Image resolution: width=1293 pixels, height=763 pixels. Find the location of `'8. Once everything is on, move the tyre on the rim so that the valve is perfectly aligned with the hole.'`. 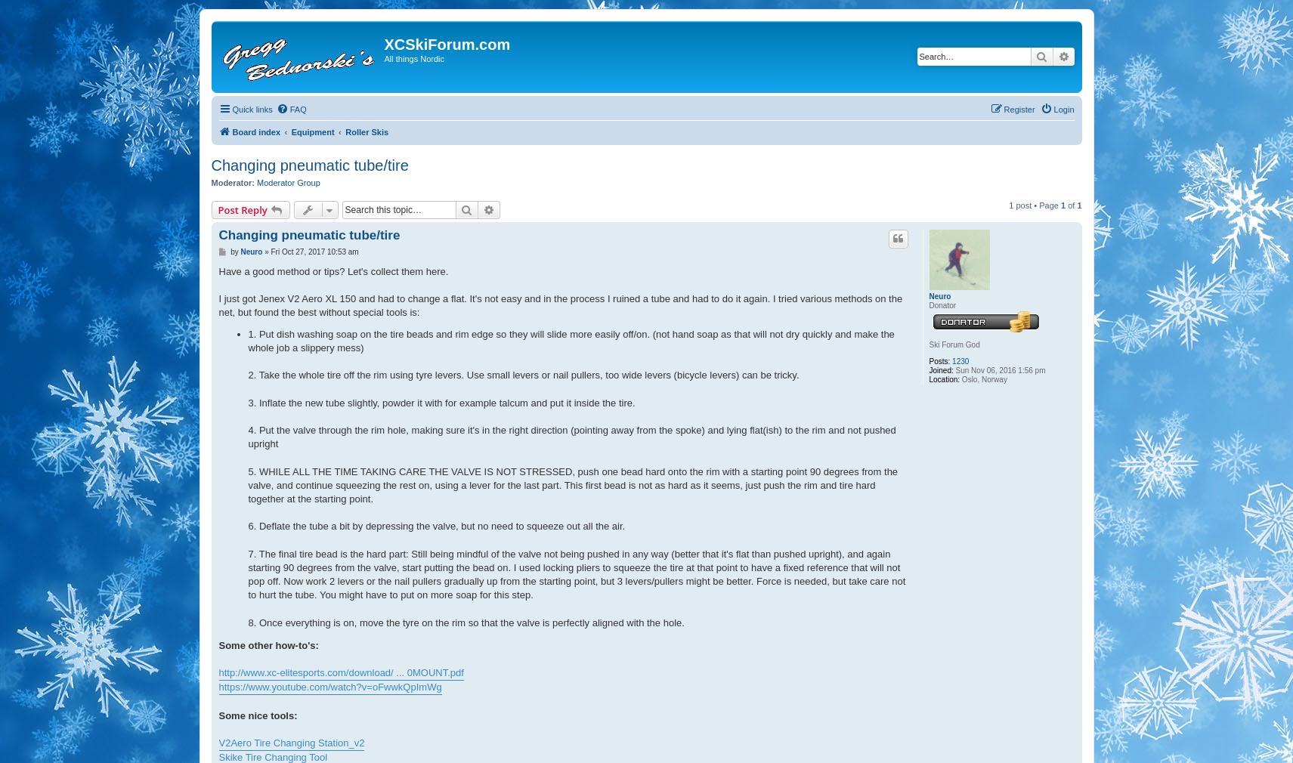

'8. Once everything is on, move the tyre on the rim so that the valve is perfectly aligned with the hole.' is located at coordinates (465, 622).